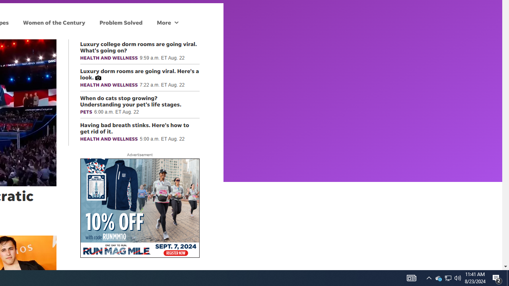  Describe the element at coordinates (167, 22) in the screenshot. I see `'More life navigation'` at that location.